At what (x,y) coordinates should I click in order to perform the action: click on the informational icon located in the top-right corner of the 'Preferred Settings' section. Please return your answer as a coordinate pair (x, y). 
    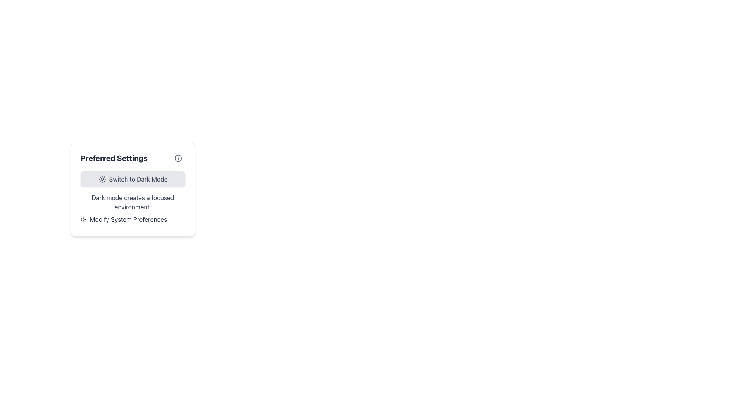
    Looking at the image, I should click on (178, 158).